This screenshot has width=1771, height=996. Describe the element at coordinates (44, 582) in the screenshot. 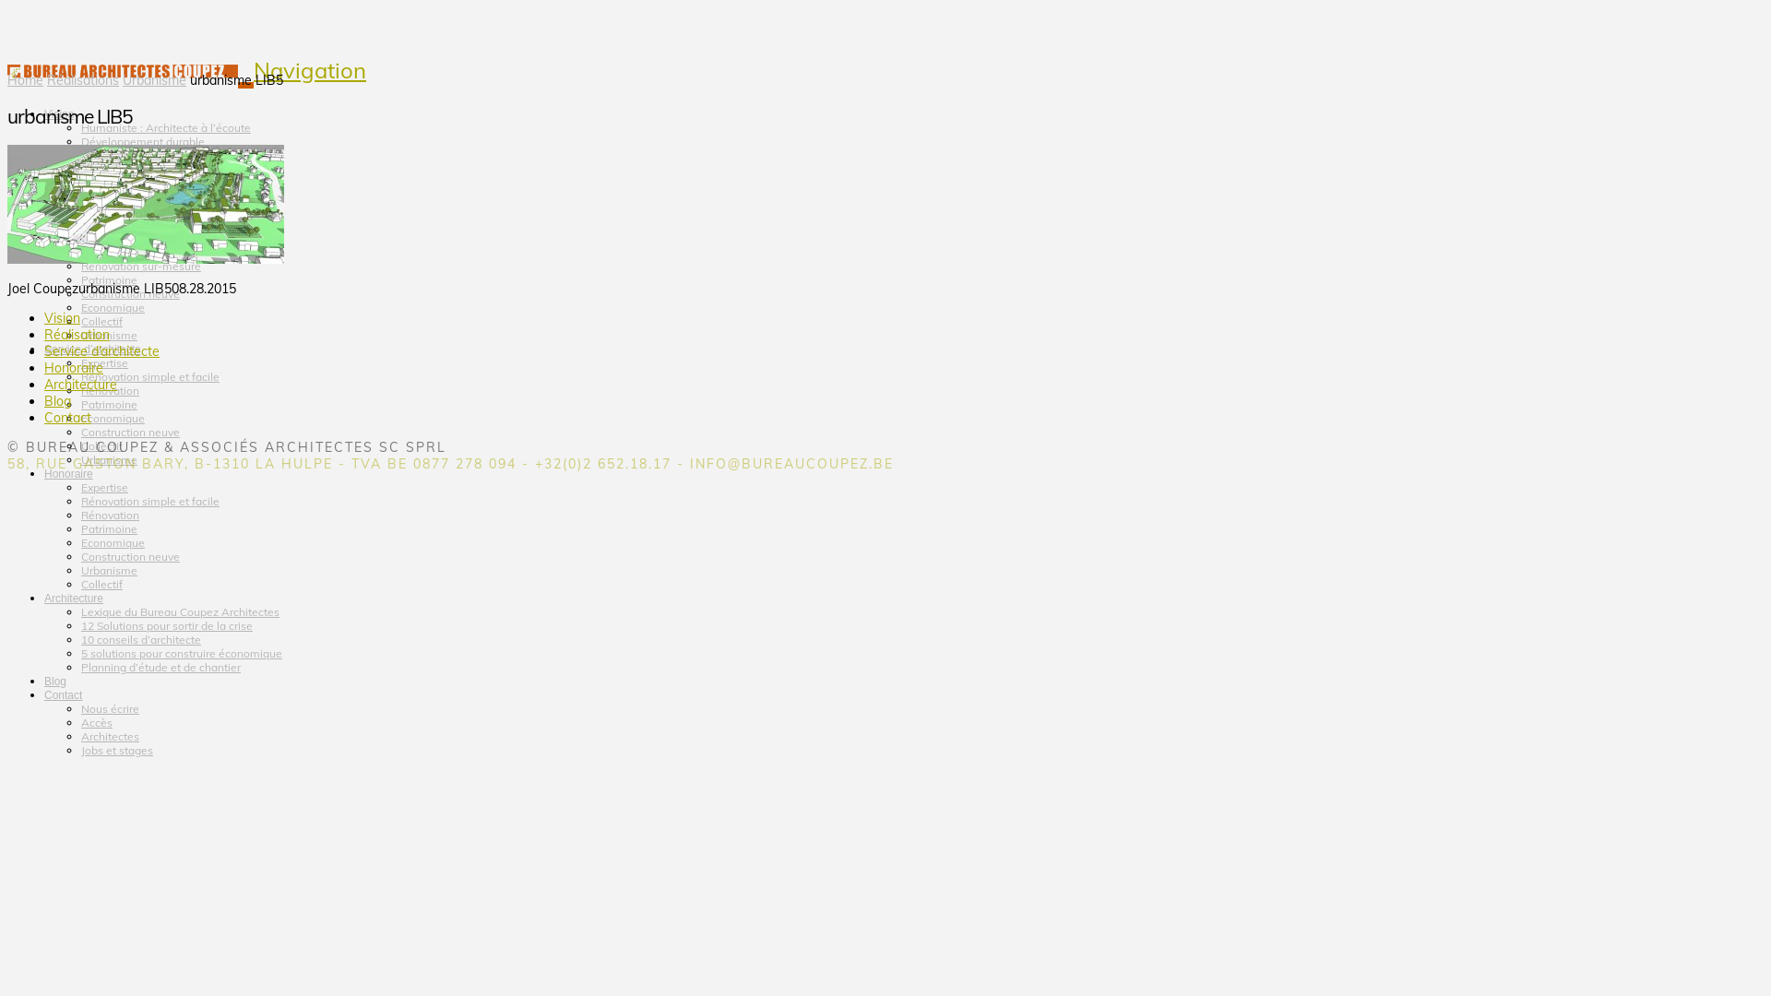

I see `'Architecture'` at that location.